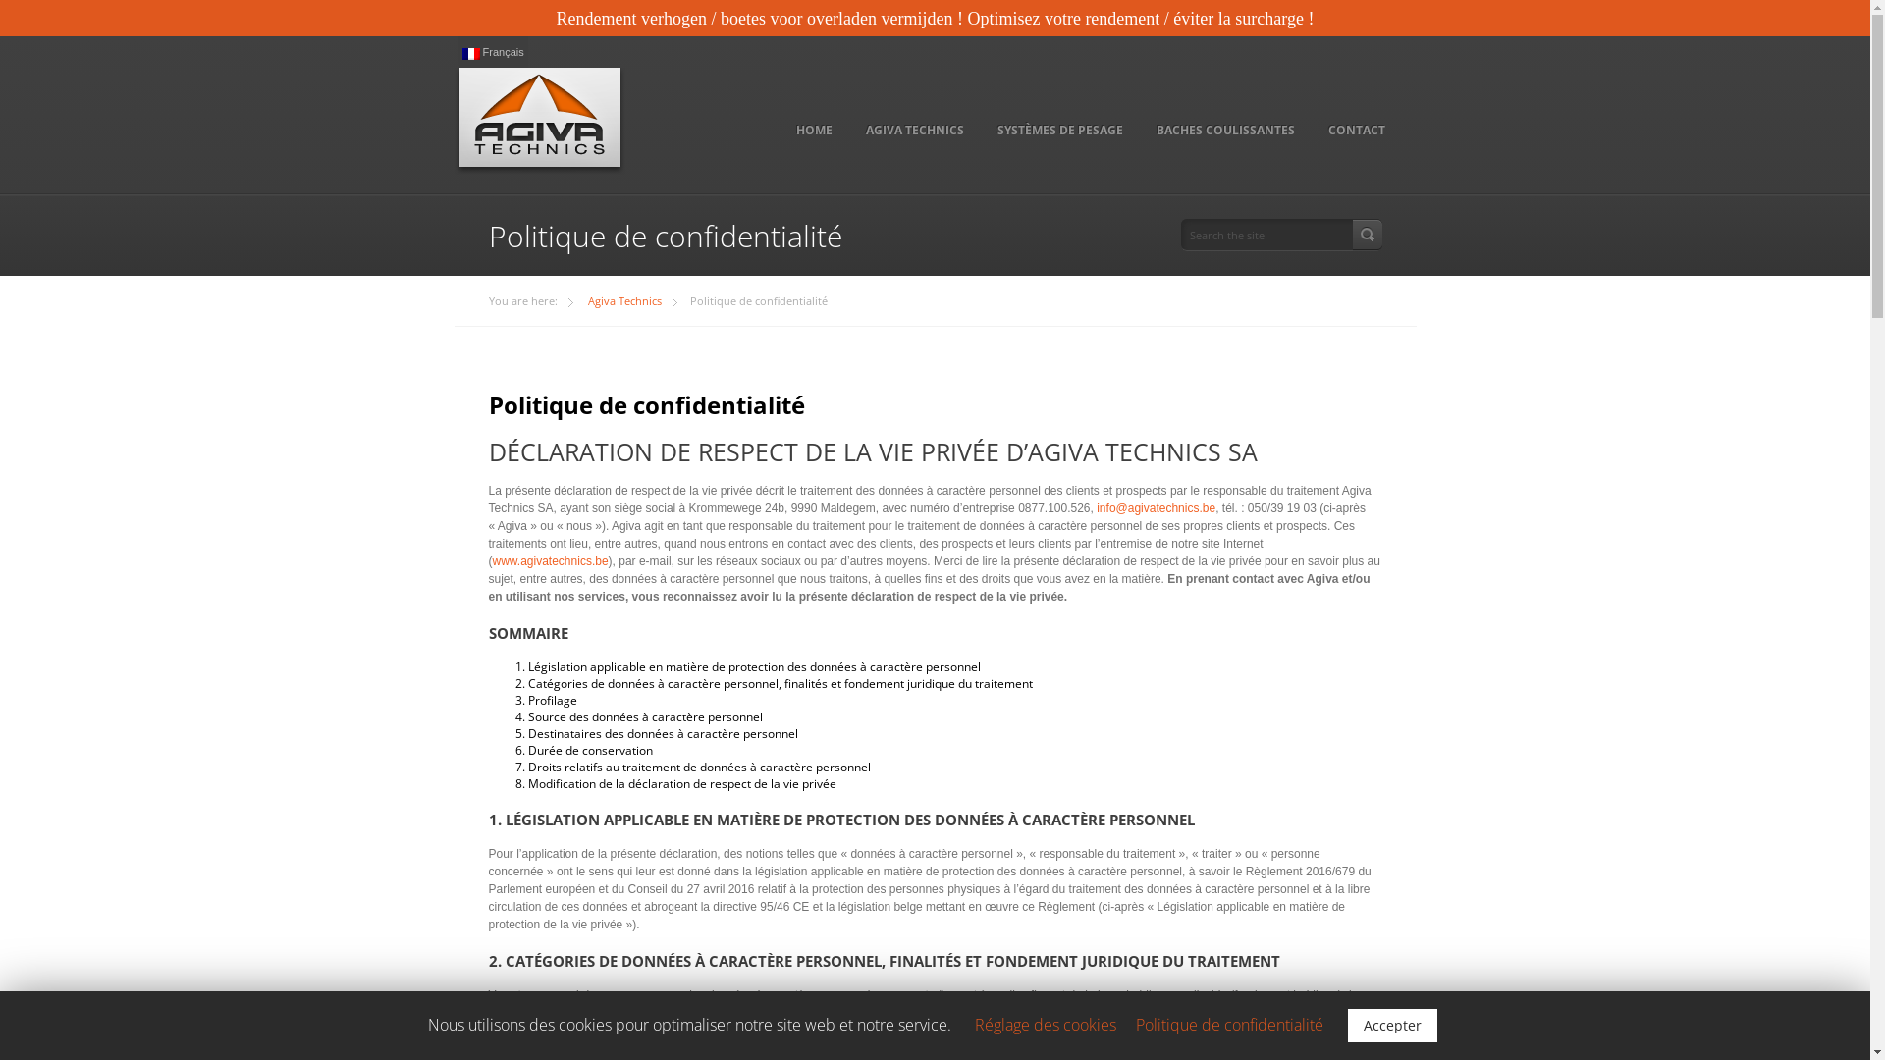 Image resolution: width=1885 pixels, height=1060 pixels. What do you see at coordinates (631, 300) in the screenshot?
I see `'Agiva Technics'` at bounding box center [631, 300].